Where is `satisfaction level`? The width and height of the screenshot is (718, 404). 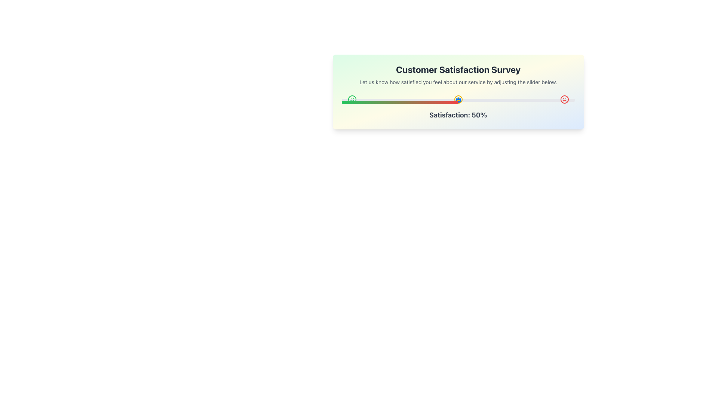
satisfaction level is located at coordinates (390, 100).